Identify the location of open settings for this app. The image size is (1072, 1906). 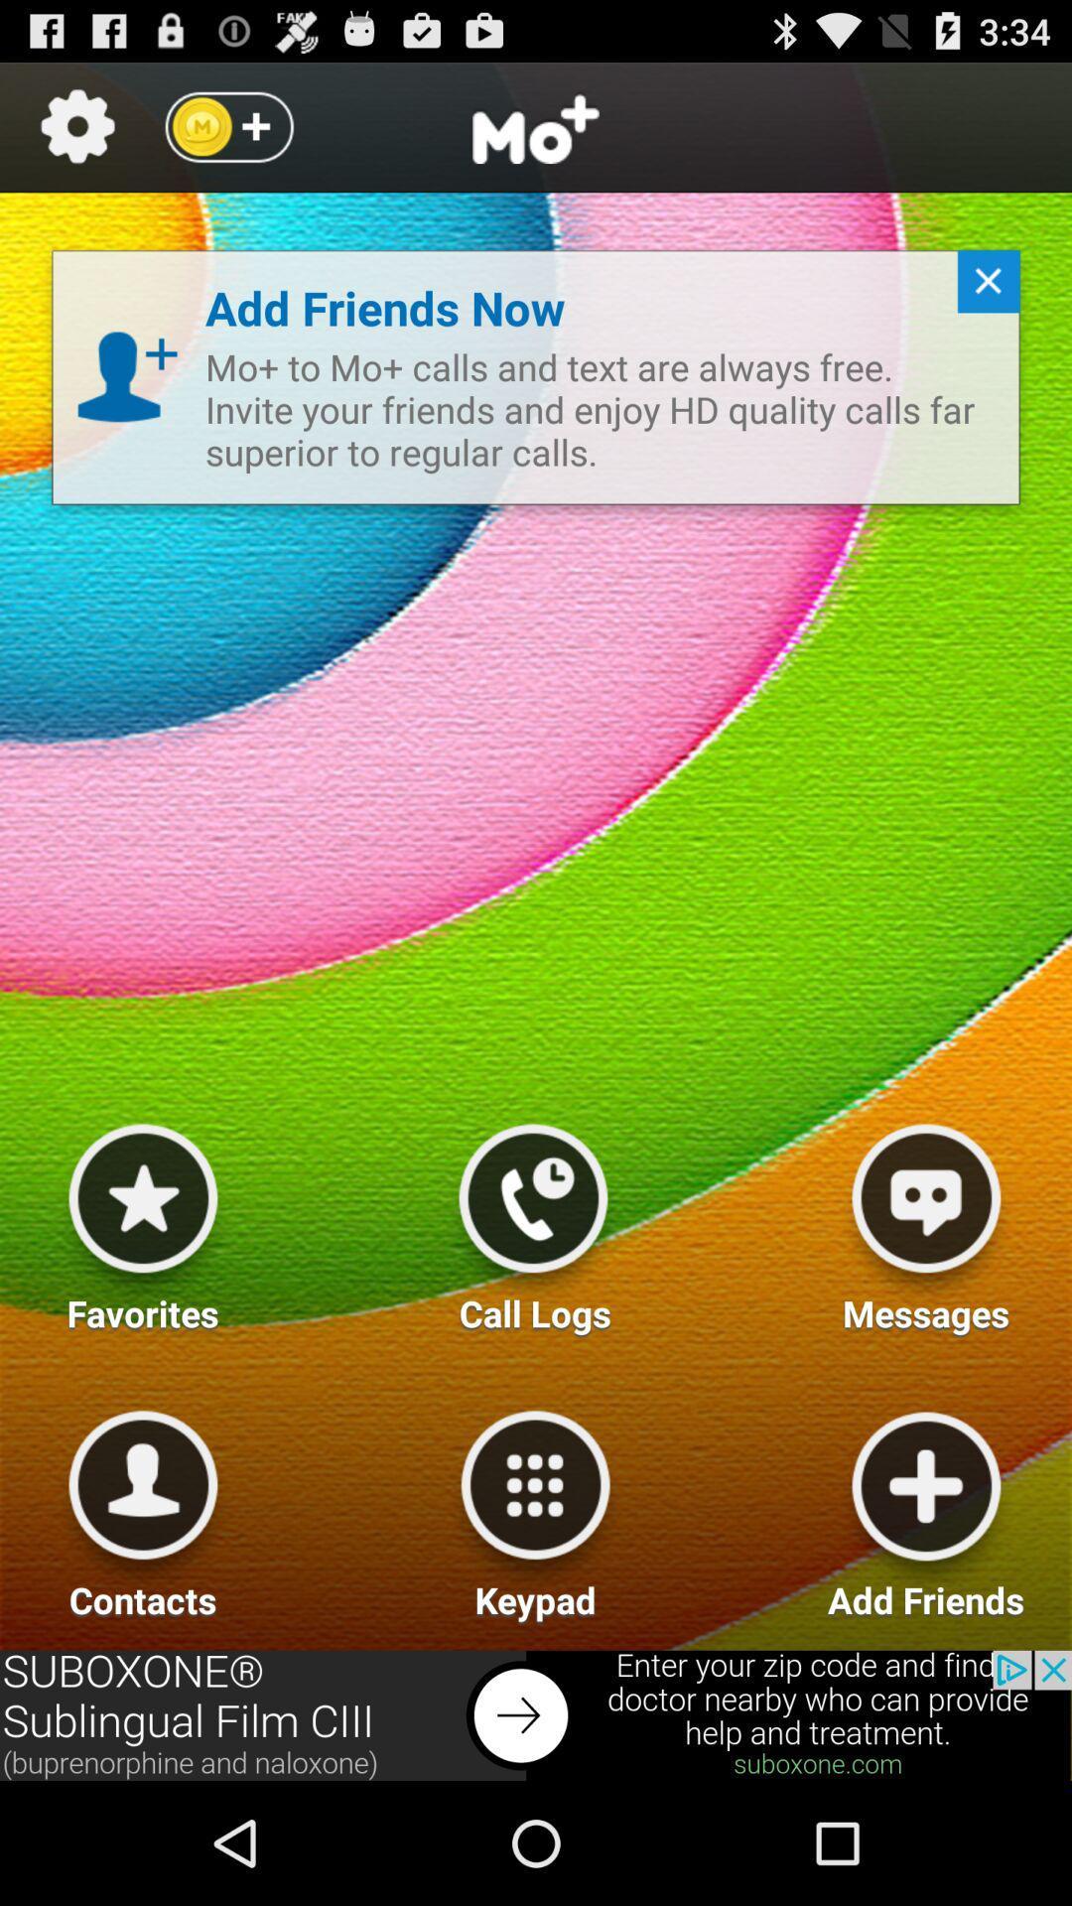
(76, 126).